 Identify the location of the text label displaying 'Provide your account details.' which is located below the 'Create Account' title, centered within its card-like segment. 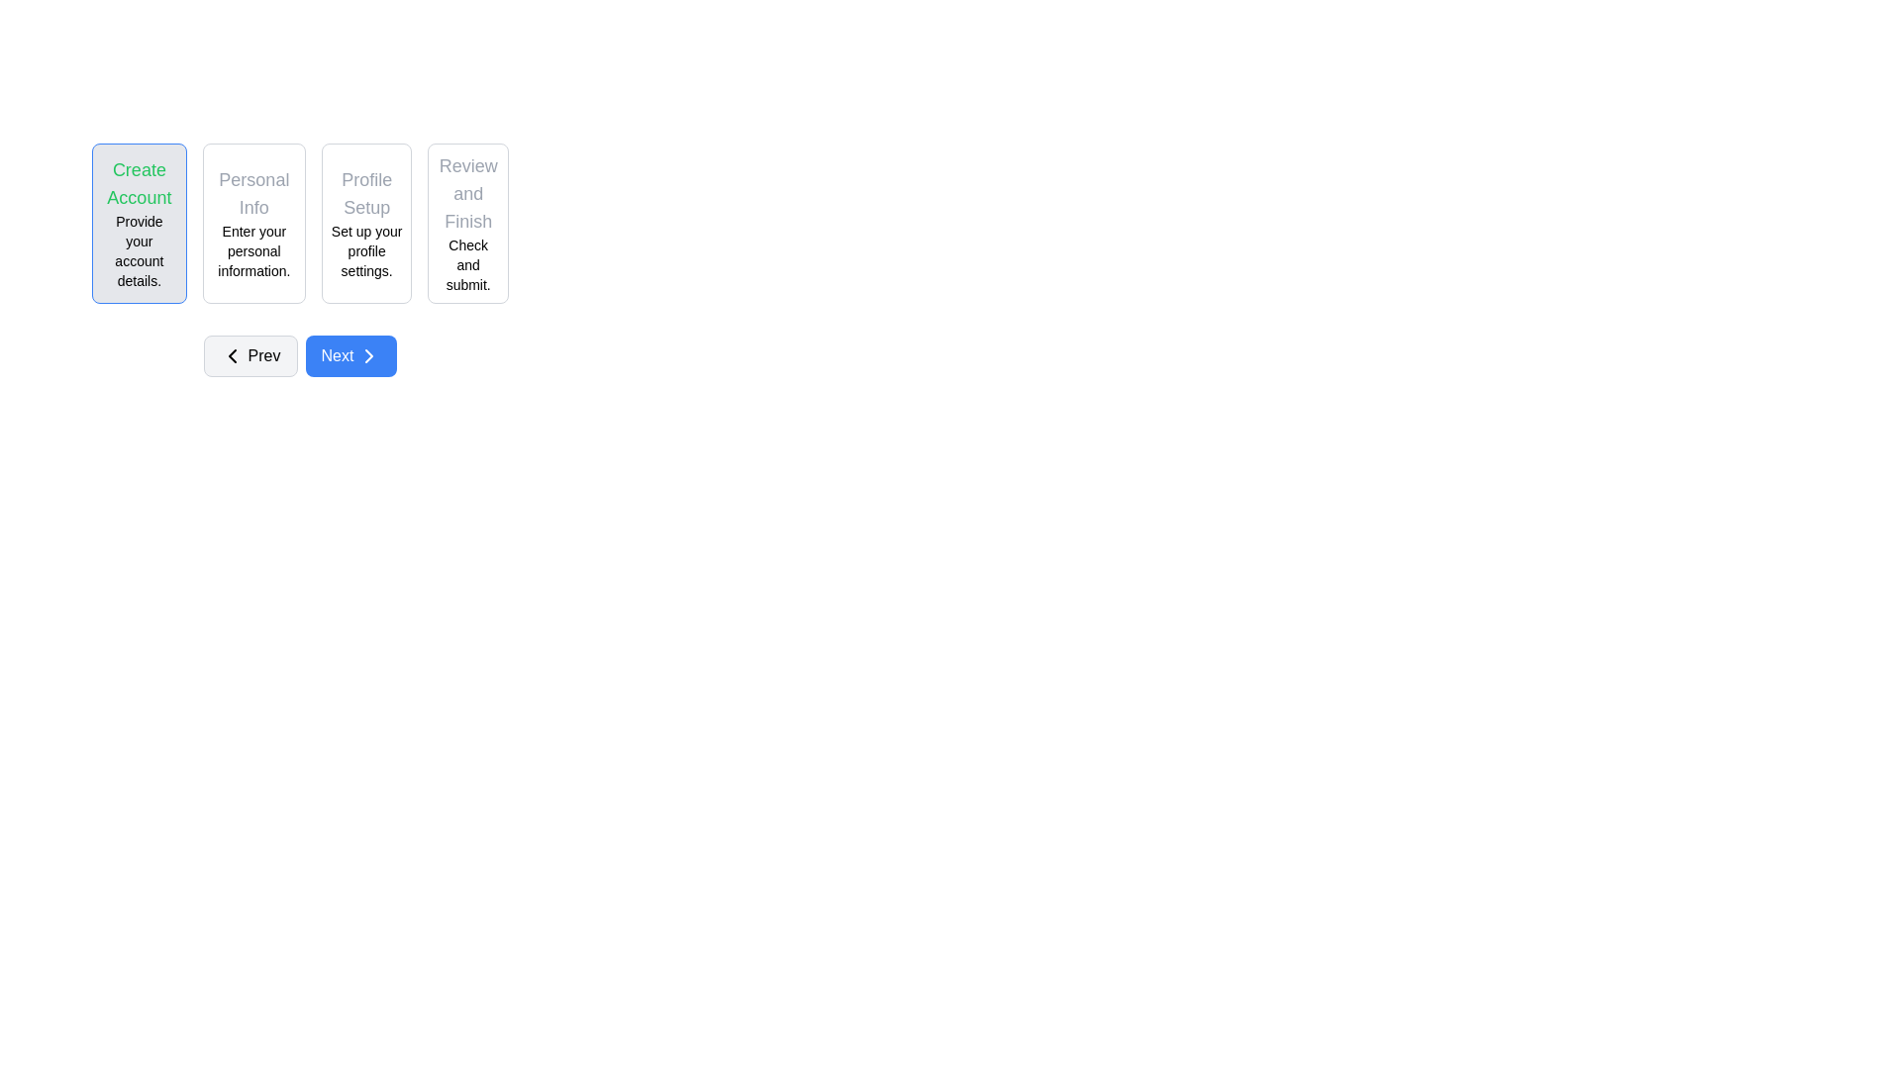
(138, 250).